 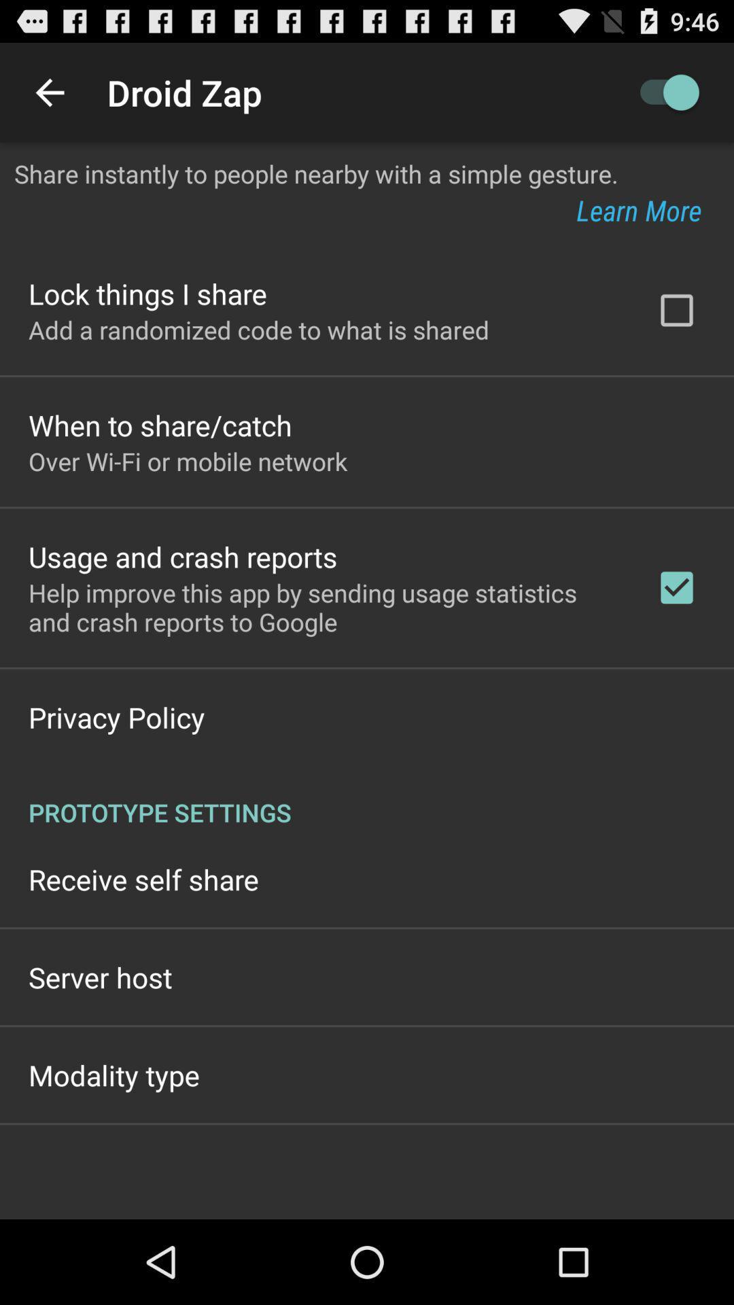 I want to click on help improve this icon, so click(x=324, y=606).